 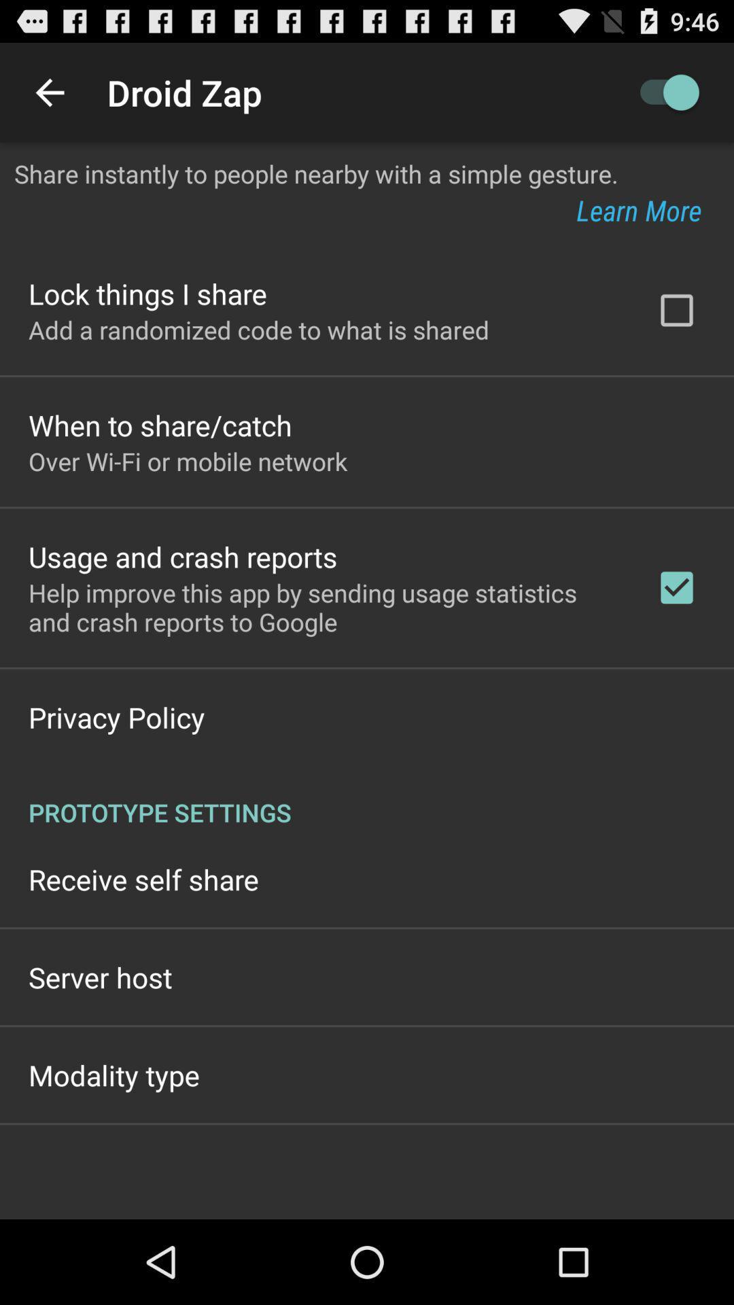 I want to click on help improve this icon, so click(x=324, y=606).